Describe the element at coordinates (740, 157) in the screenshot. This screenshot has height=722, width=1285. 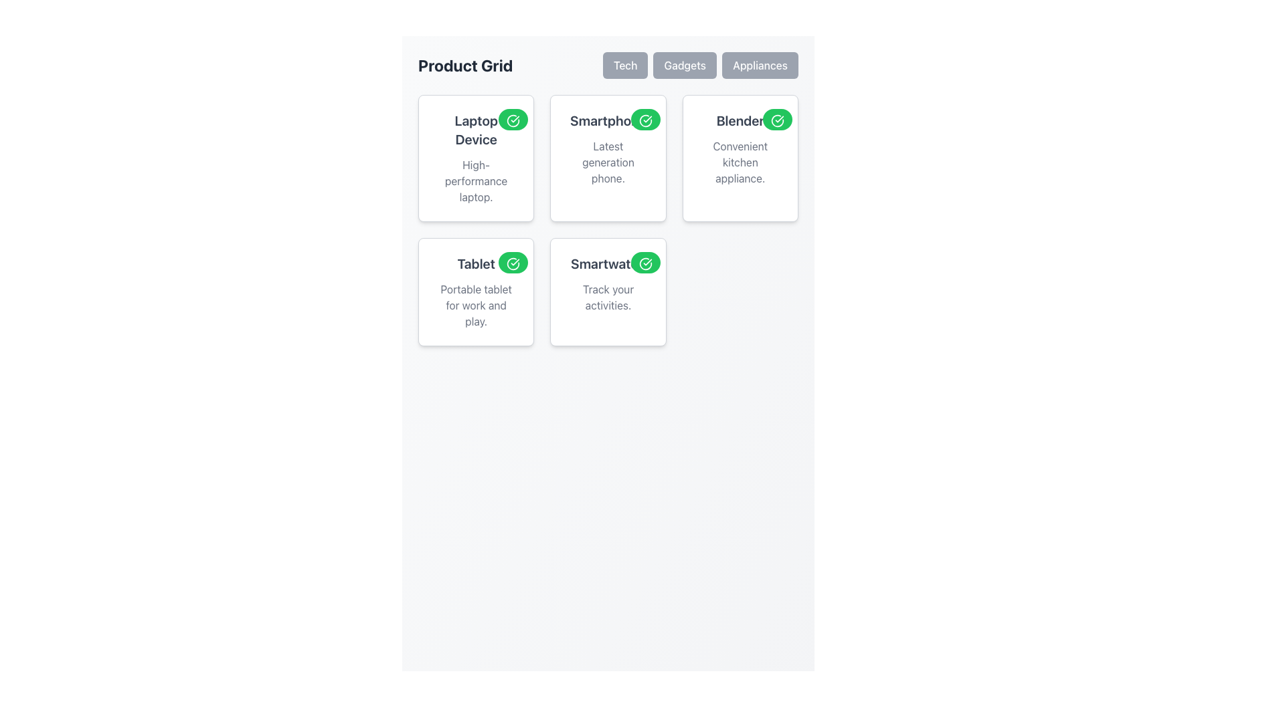
I see `information displayed on the Blender informational card, which is the third card in the first row of the grid layout` at that location.